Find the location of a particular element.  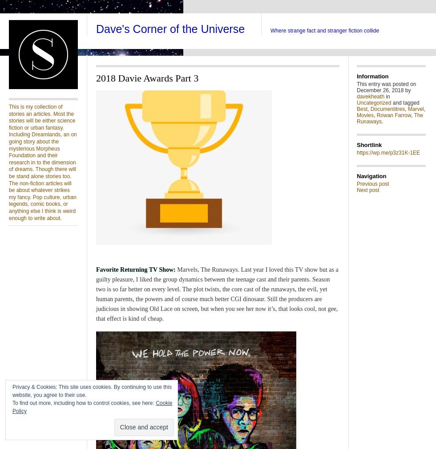

'This entry was posted on December 26, 2018 by' is located at coordinates (386, 87).